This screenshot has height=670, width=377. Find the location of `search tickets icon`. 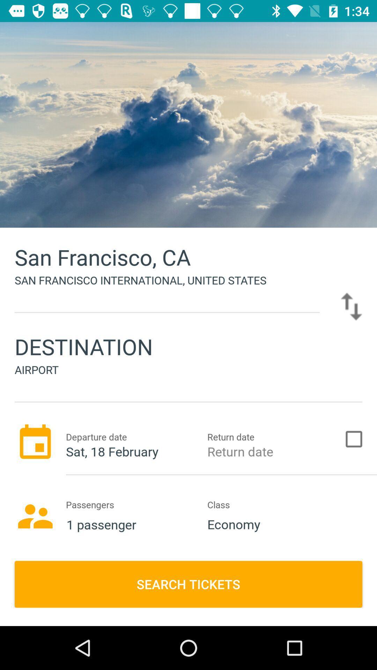

search tickets icon is located at coordinates (188, 584).